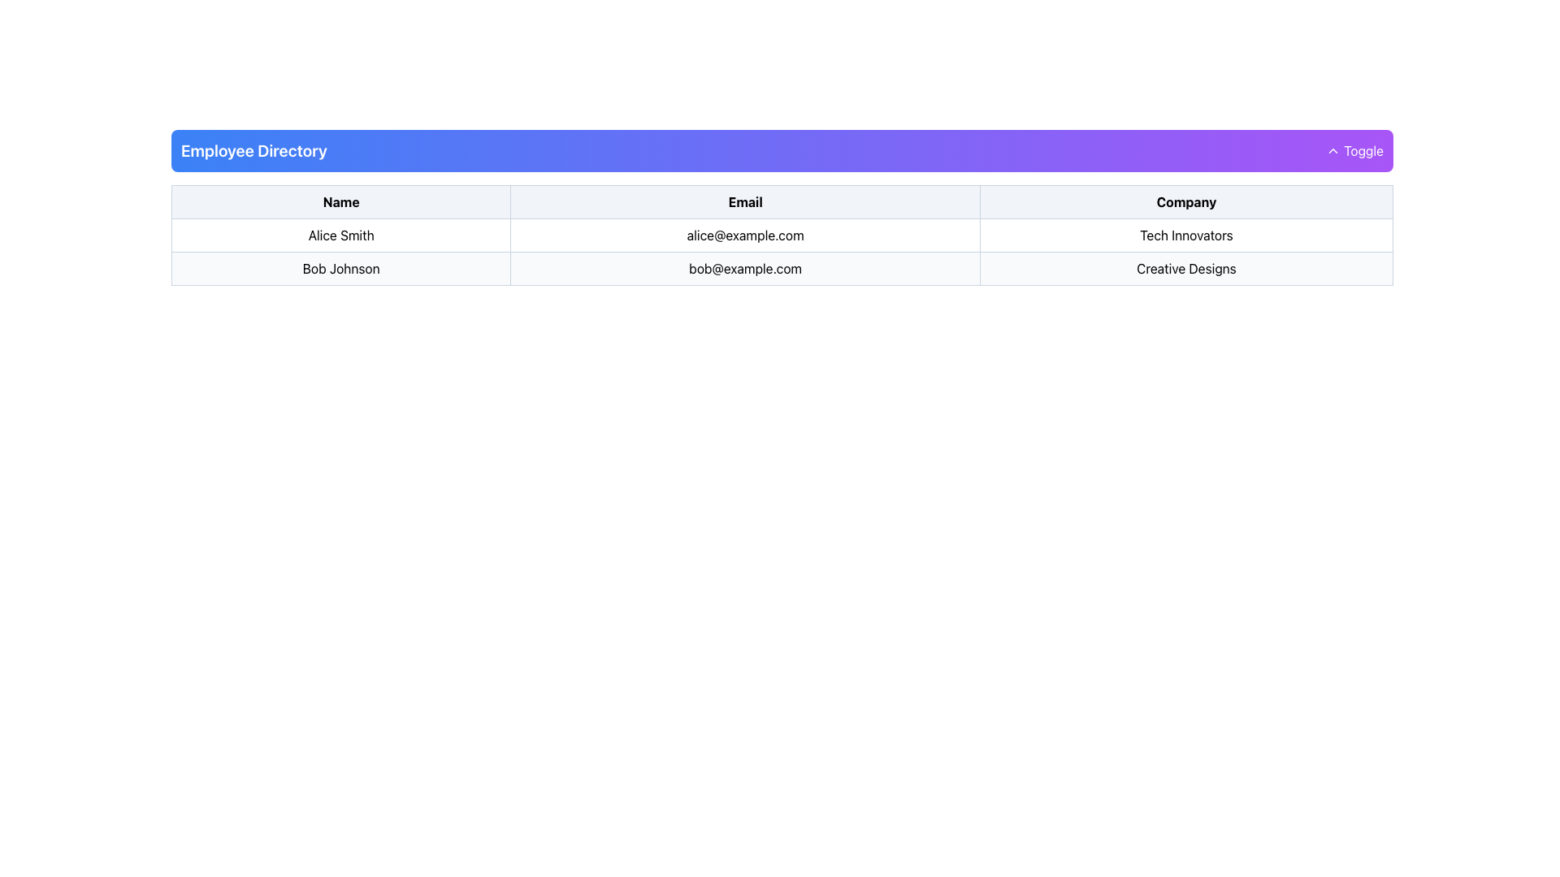  What do you see at coordinates (1333, 150) in the screenshot?
I see `the small upward-pointing triangular arrow icon located to the left of the 'Toggle' label on the purple bar` at bounding box center [1333, 150].